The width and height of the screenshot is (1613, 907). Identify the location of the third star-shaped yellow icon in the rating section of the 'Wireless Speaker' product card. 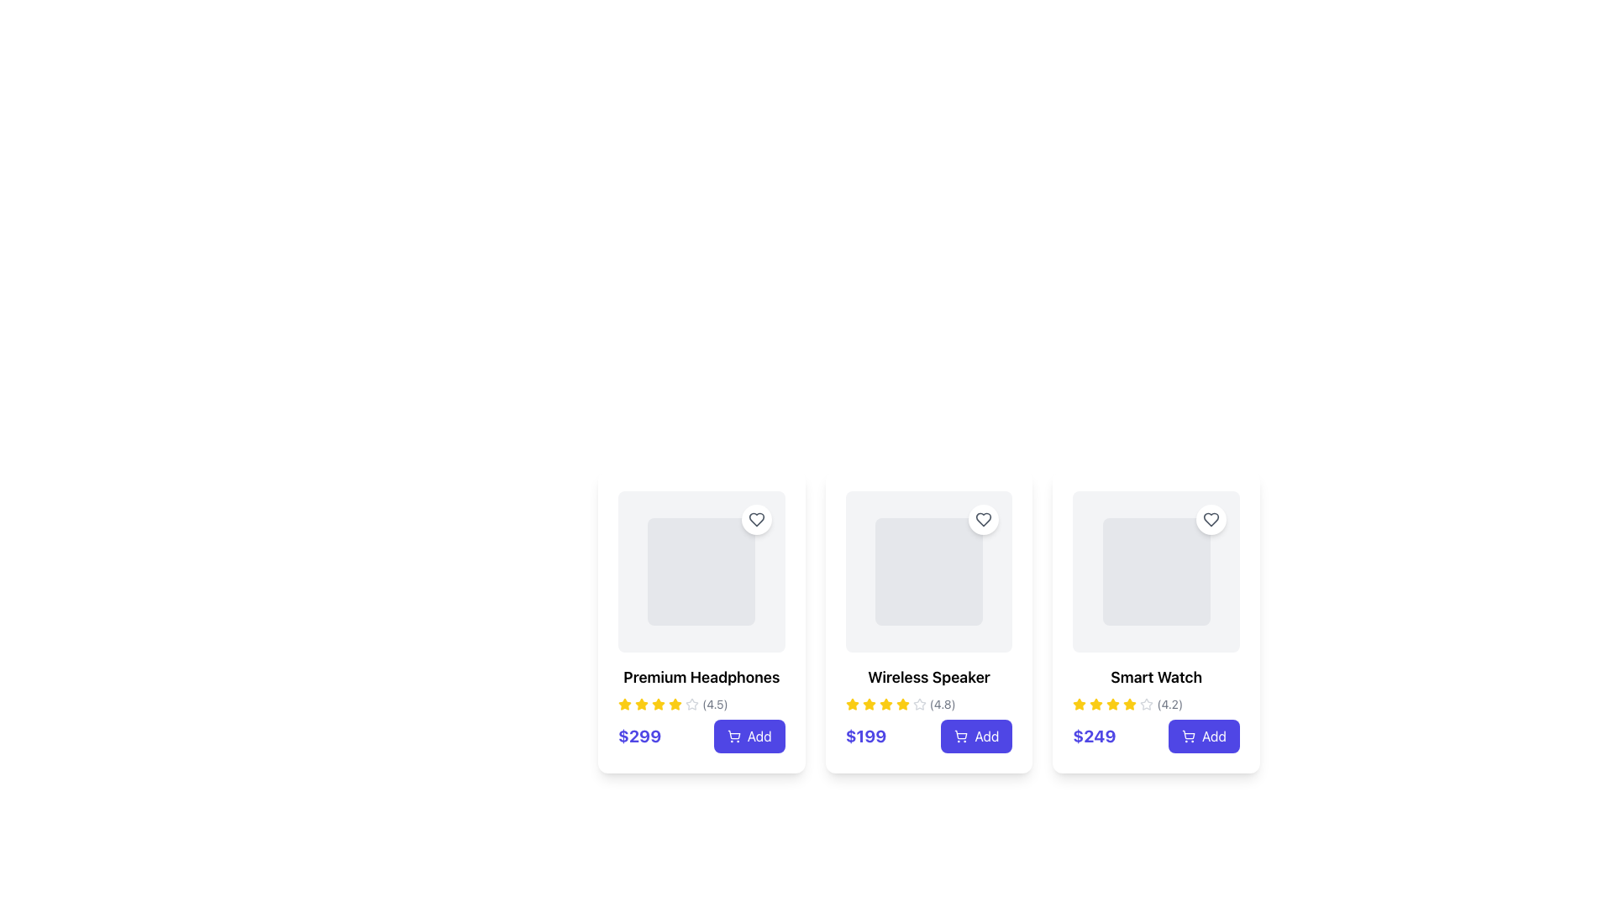
(852, 704).